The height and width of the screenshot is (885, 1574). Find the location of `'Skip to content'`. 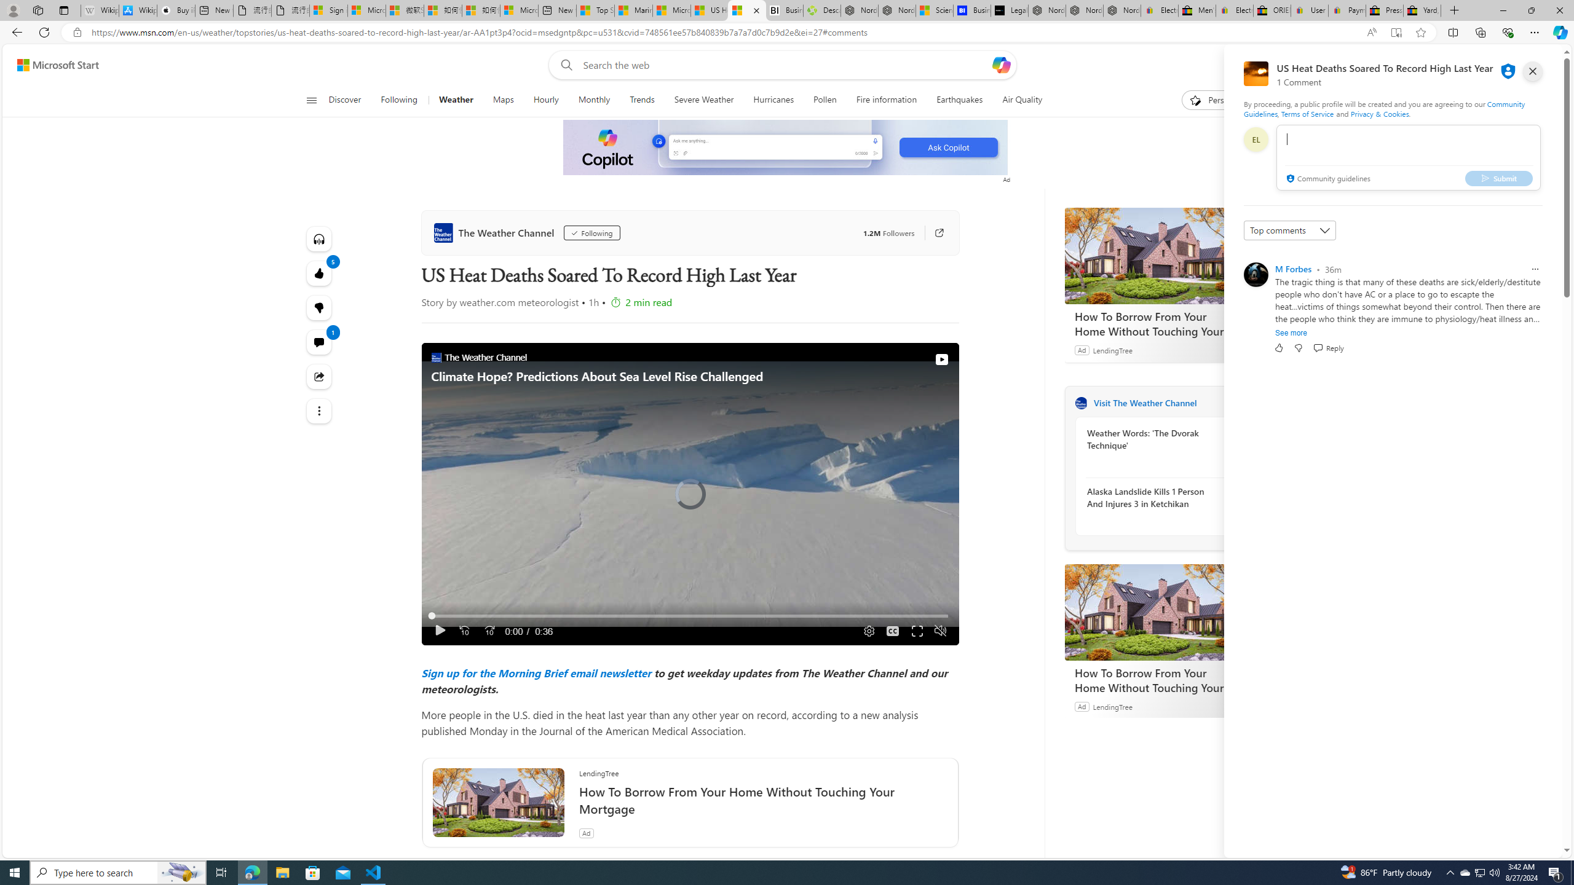

'Skip to content' is located at coordinates (53, 64).